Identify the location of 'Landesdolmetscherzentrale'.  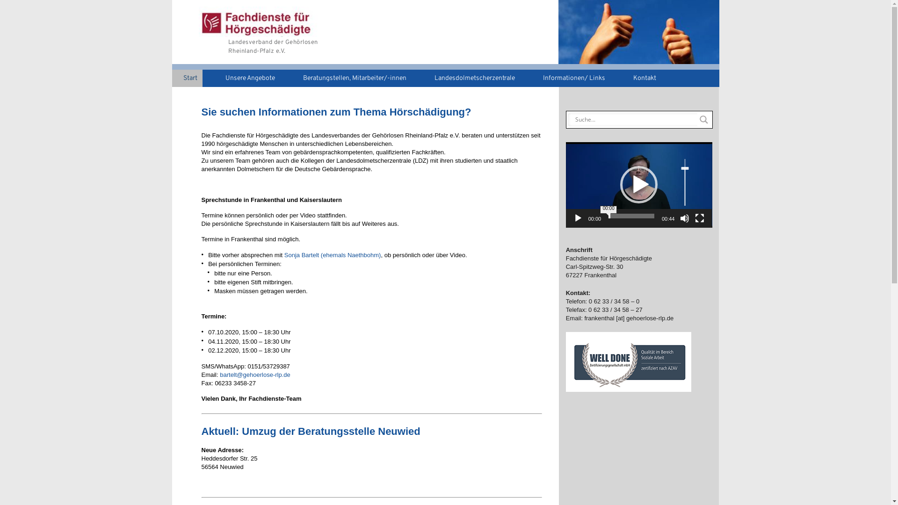
(471, 78).